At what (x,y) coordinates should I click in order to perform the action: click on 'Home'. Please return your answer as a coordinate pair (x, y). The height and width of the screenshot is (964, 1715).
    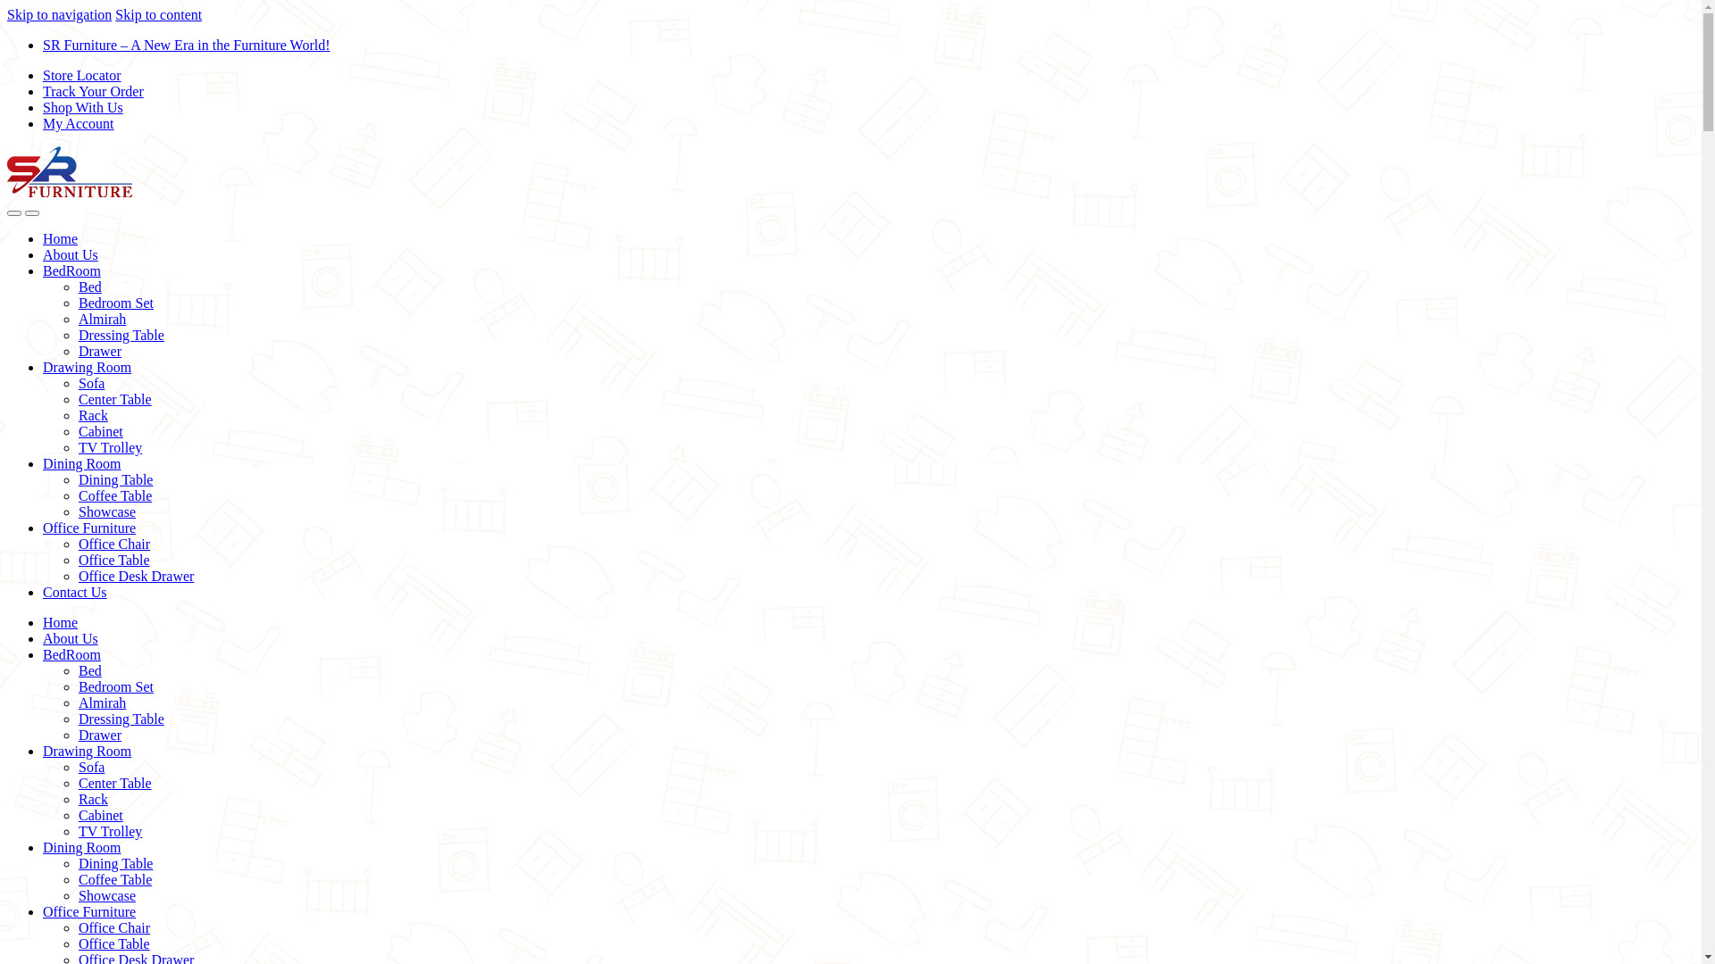
    Looking at the image, I should click on (60, 237).